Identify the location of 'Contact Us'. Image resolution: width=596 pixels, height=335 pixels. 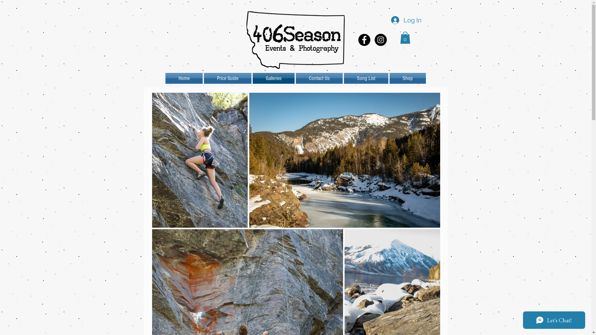
(319, 78).